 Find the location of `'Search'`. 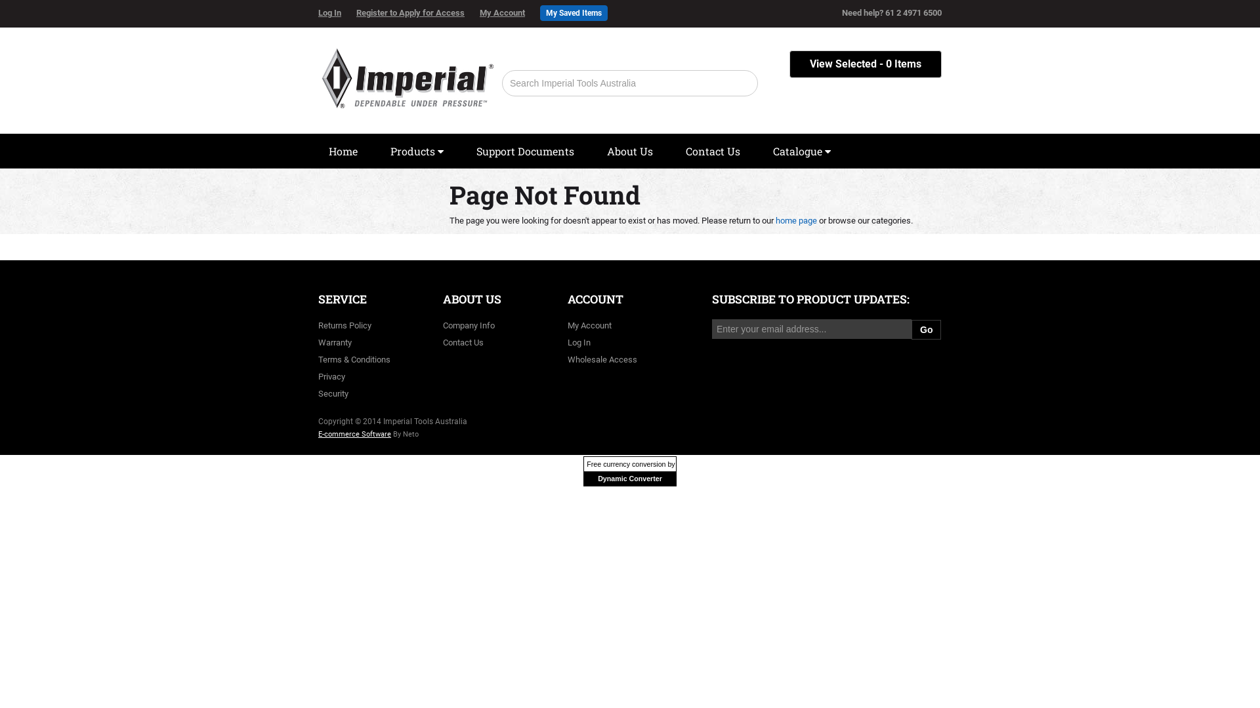

'Search' is located at coordinates (742, 83).